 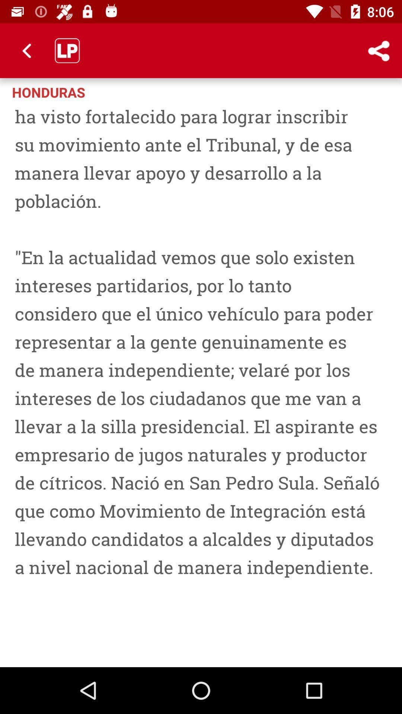 What do you see at coordinates (201, 382) in the screenshot?
I see `san pedro sula icon` at bounding box center [201, 382].